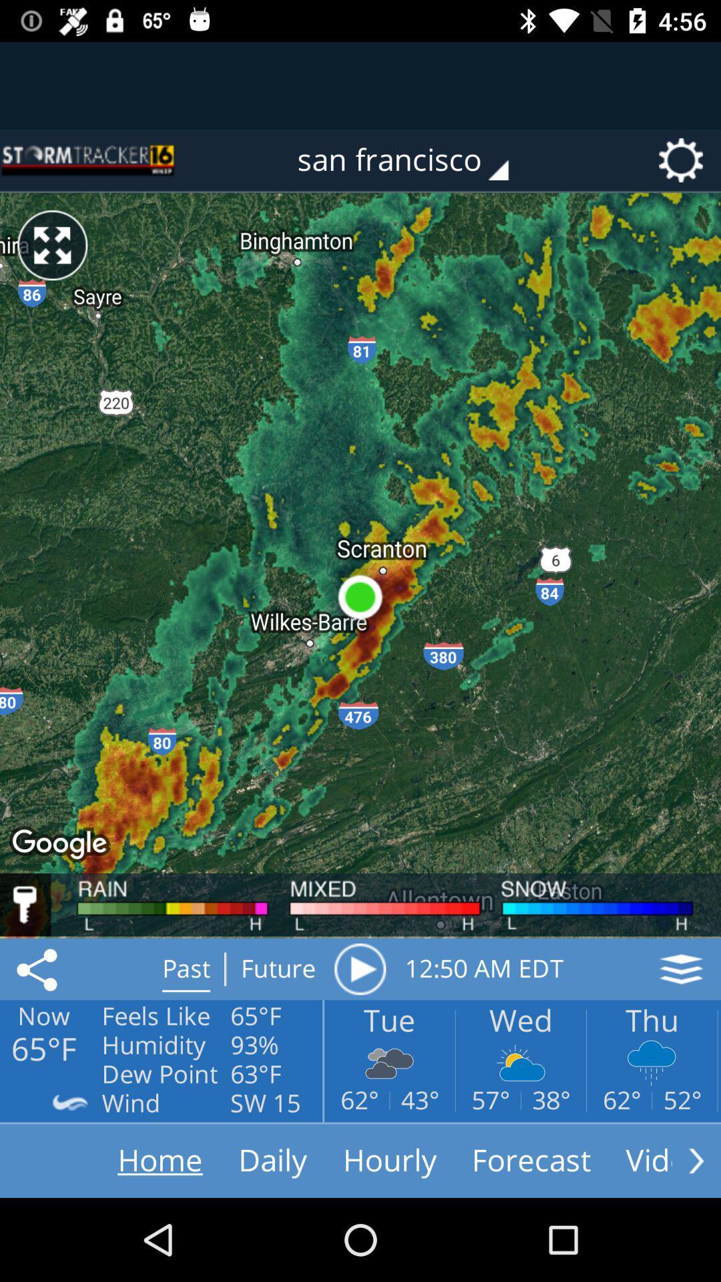 This screenshot has height=1282, width=721. I want to click on the san francisco icon, so click(412, 160).